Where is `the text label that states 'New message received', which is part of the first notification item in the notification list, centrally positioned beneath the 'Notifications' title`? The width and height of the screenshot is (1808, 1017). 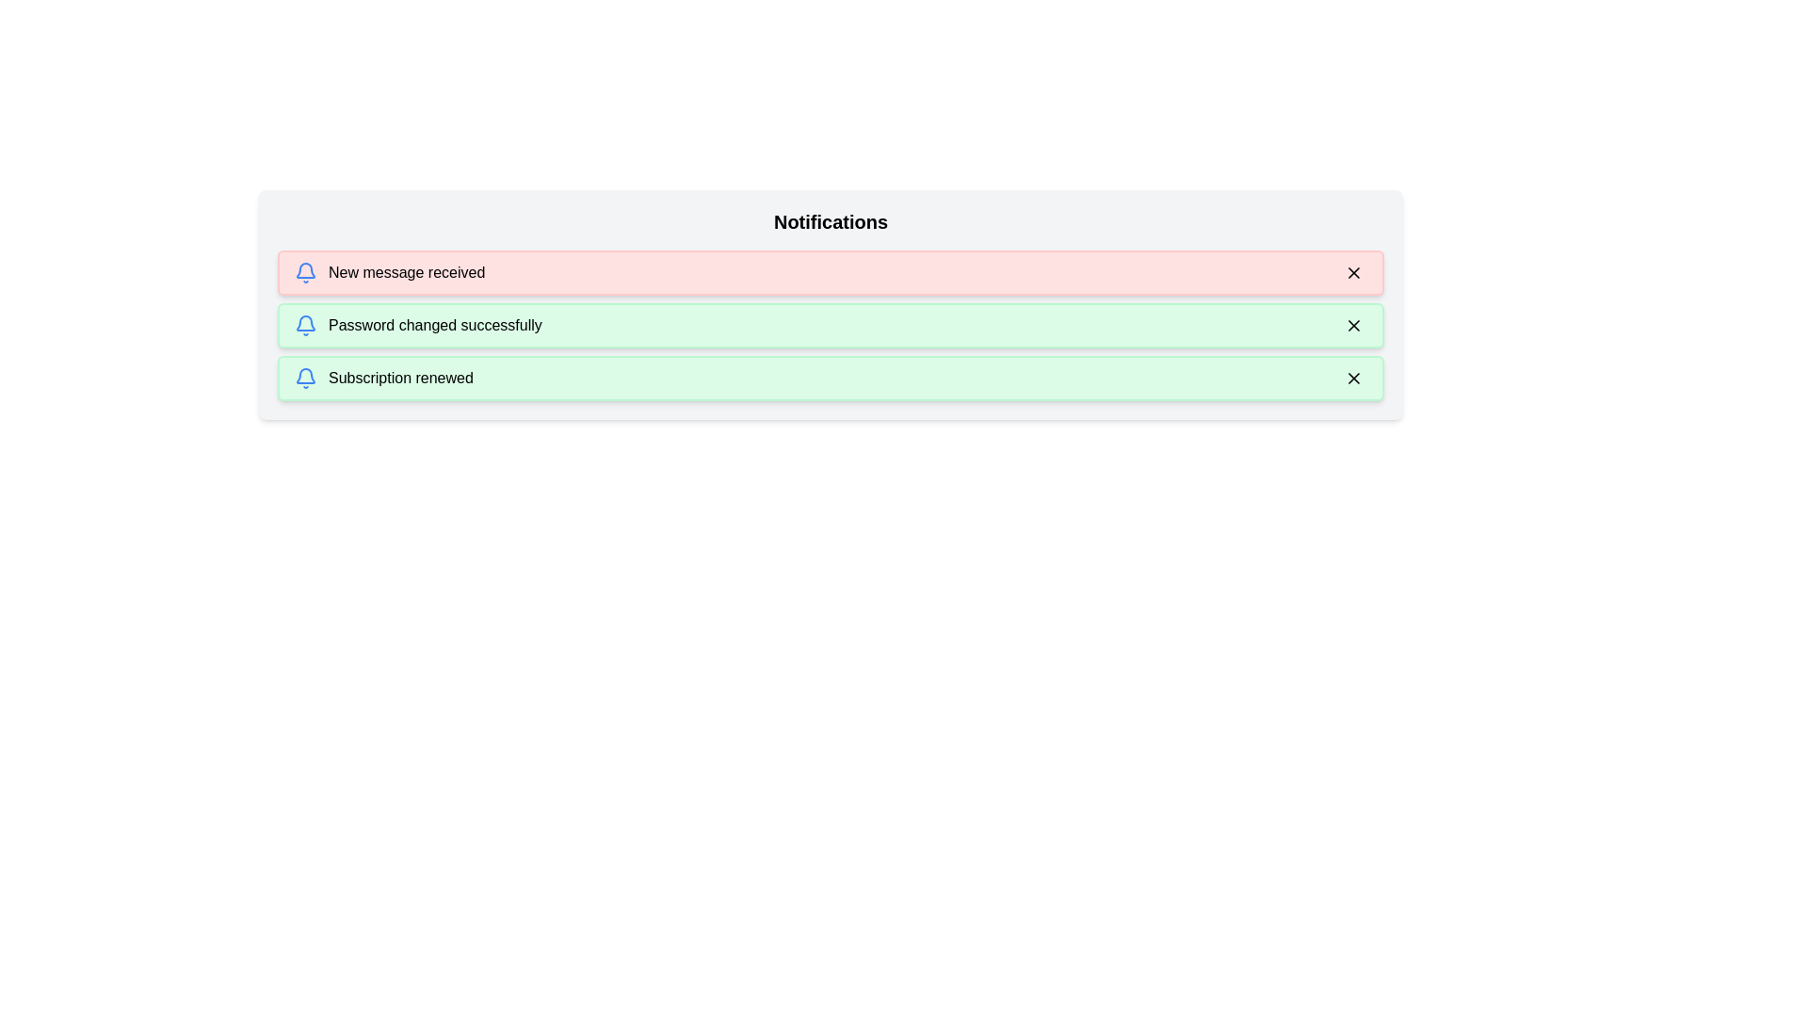
the text label that states 'New message received', which is part of the first notification item in the notification list, centrally positioned beneath the 'Notifications' title is located at coordinates (406, 272).